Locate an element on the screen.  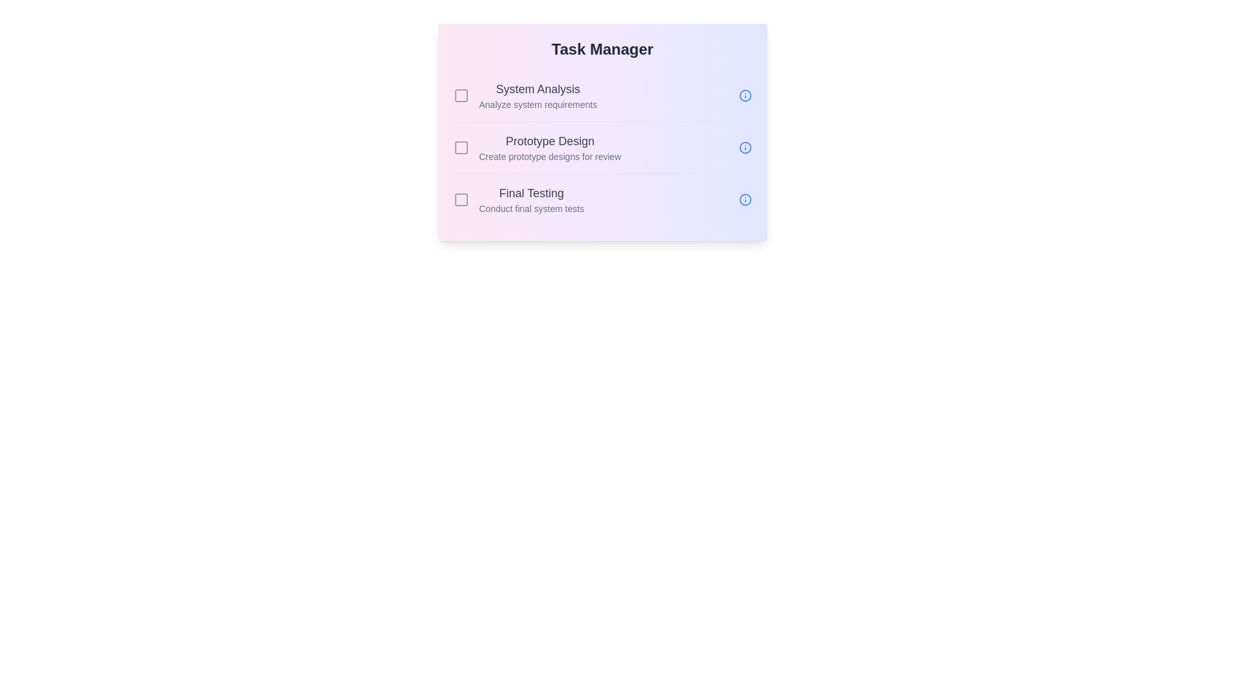
information icon for the task Final Testing is located at coordinates (745, 200).